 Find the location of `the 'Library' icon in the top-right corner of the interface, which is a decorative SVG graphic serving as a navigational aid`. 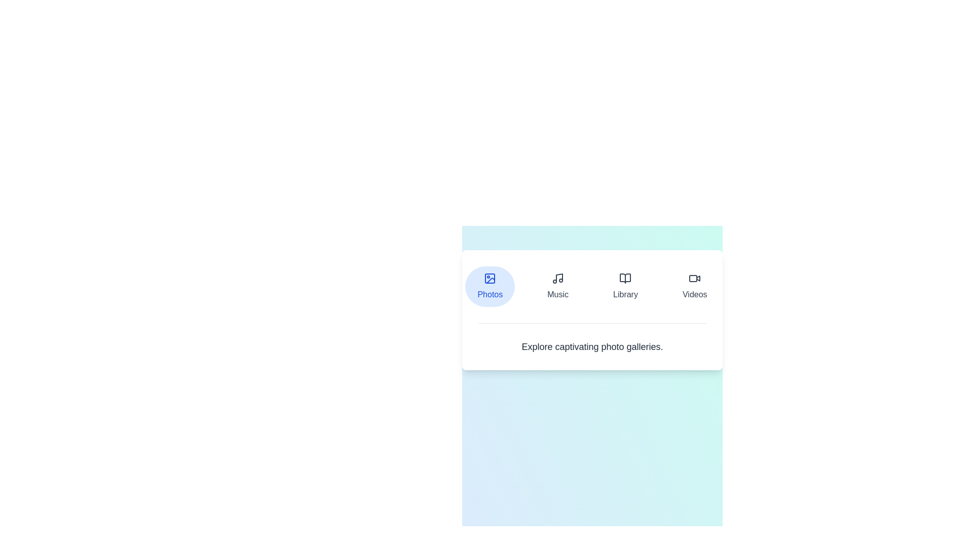

the 'Library' icon in the top-right corner of the interface, which is a decorative SVG graphic serving as a navigational aid is located at coordinates (625, 279).